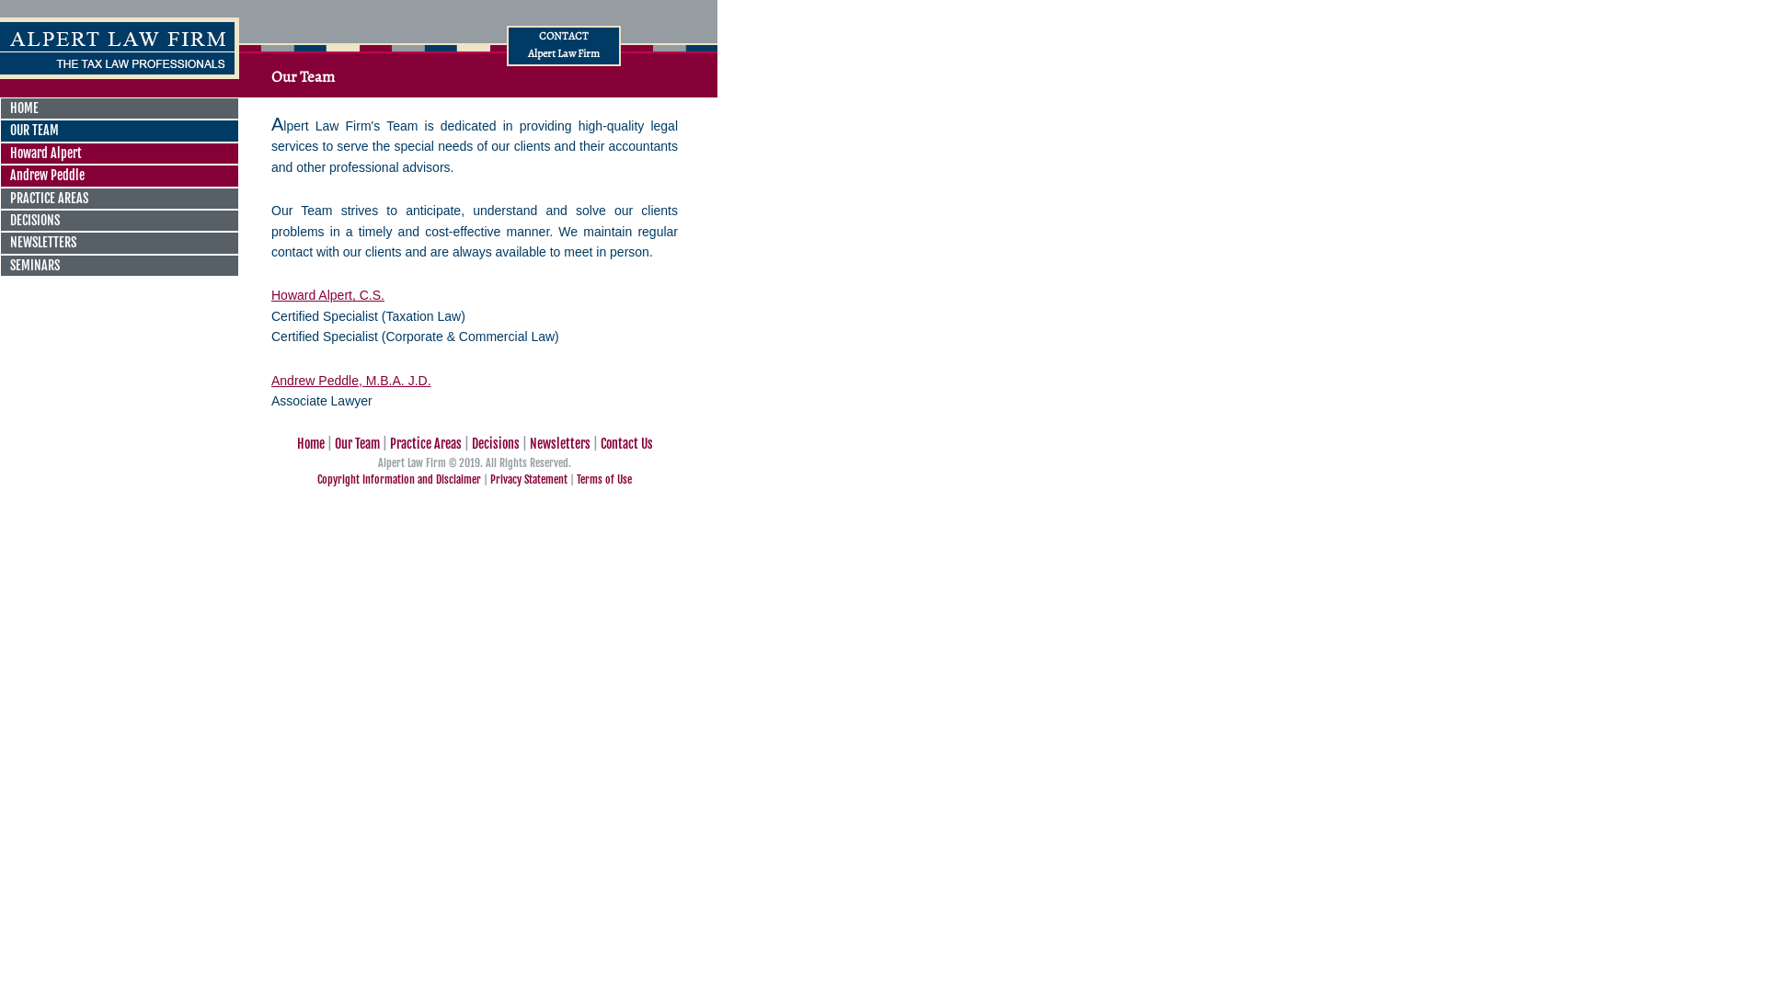 Image resolution: width=1766 pixels, height=993 pixels. I want to click on 'Home', so click(309, 443).